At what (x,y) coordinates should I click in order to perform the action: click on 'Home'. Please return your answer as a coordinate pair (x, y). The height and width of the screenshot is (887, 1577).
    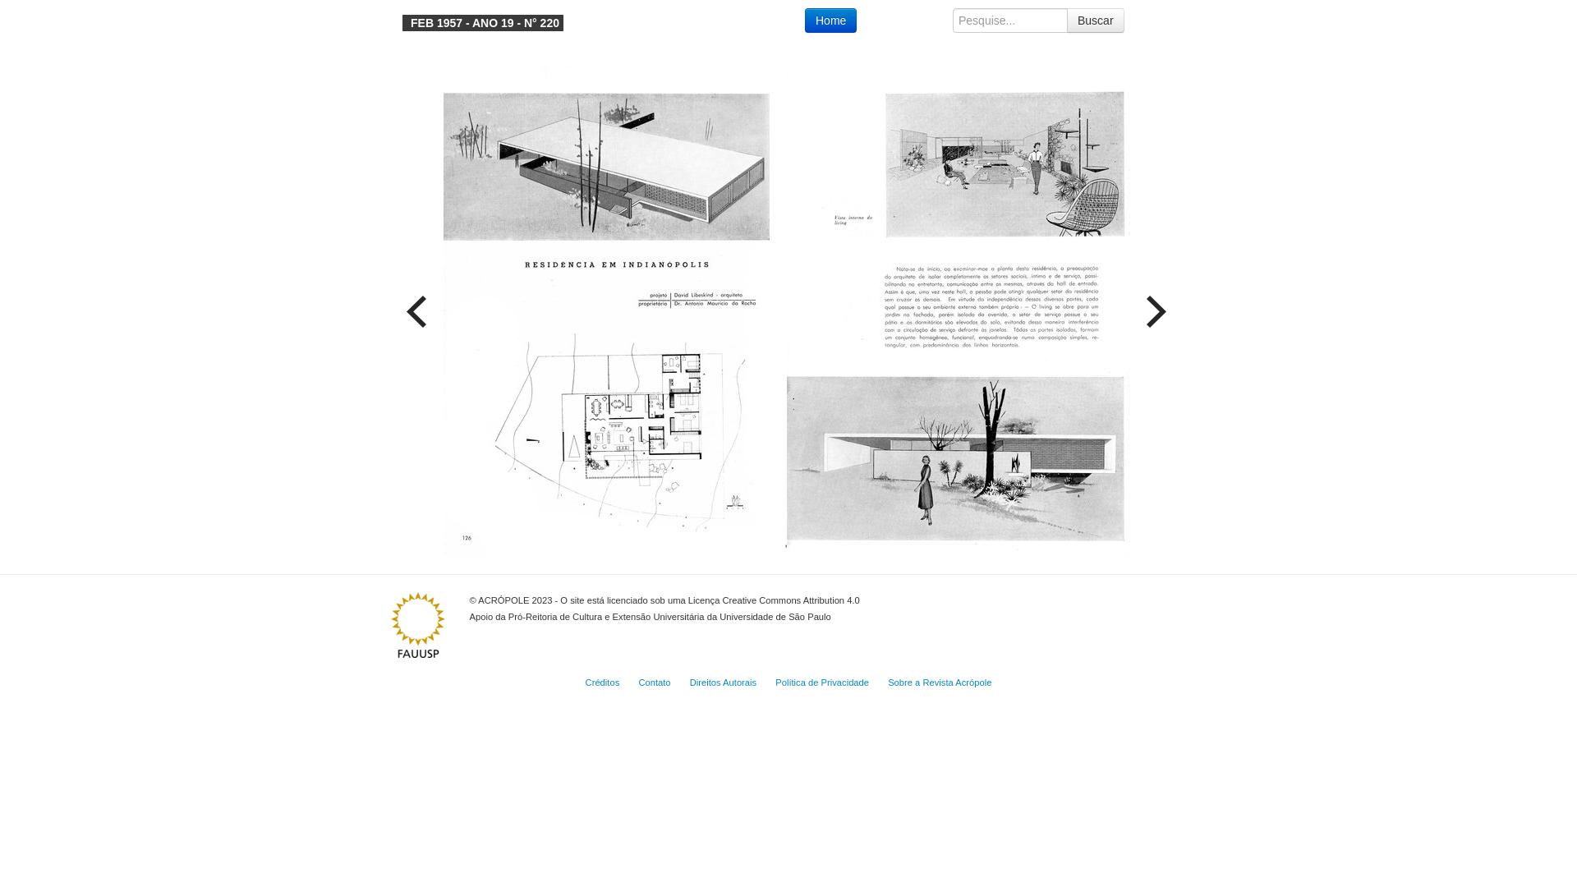
    Looking at the image, I should click on (830, 20).